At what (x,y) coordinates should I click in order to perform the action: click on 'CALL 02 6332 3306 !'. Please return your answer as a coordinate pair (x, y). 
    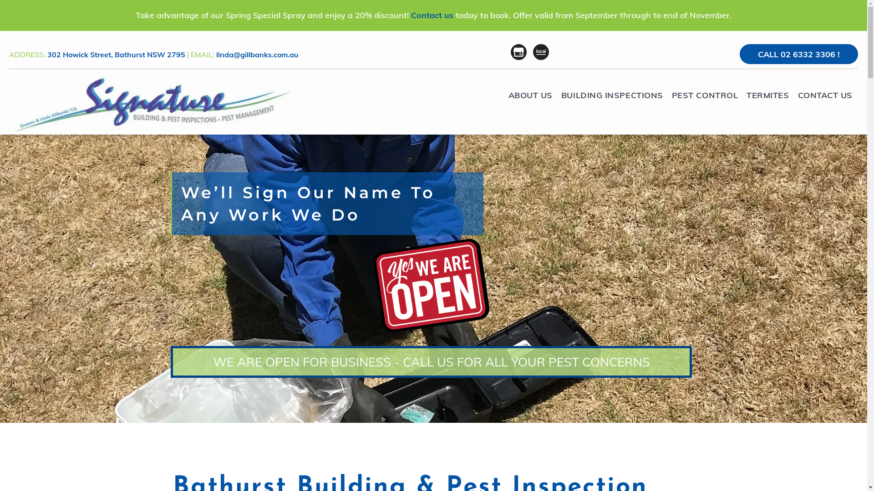
    Looking at the image, I should click on (798, 54).